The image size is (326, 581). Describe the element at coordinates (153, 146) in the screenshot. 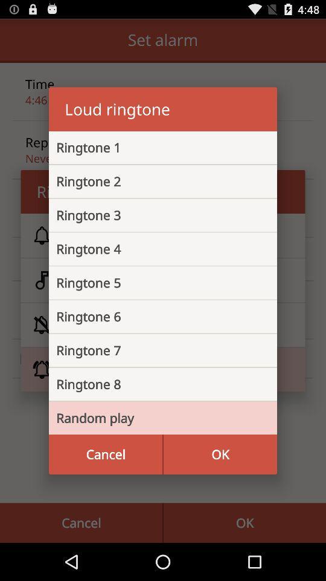

I see `ringtone 1 icon` at that location.